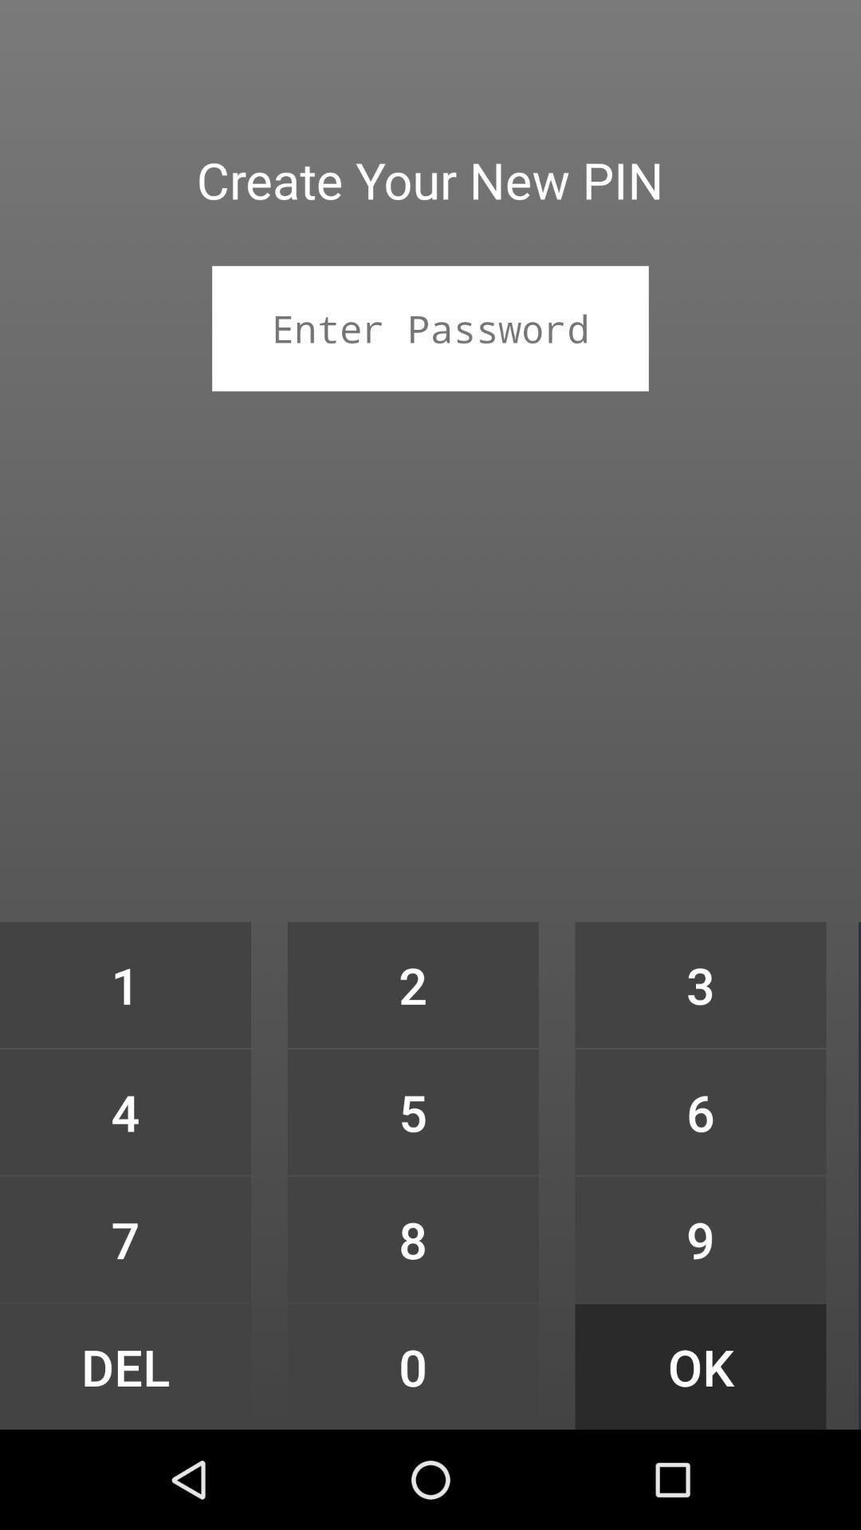  I want to click on icon above the 6, so click(700, 984).